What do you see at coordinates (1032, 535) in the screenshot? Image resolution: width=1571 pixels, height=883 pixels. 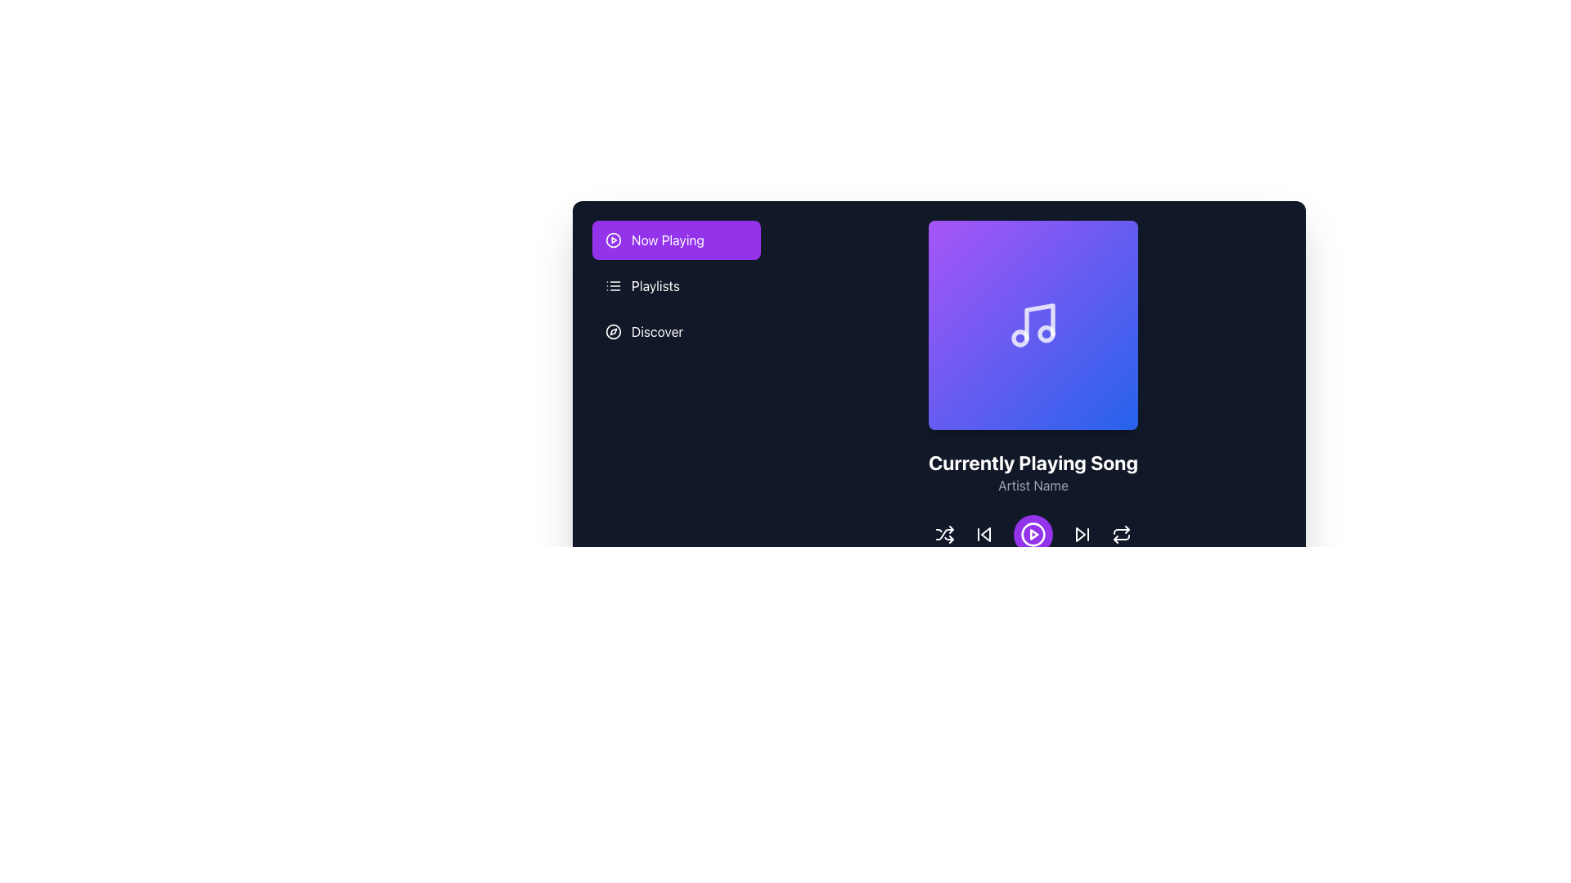 I see `the play button located centrally at the bottom of the interface` at bounding box center [1032, 535].